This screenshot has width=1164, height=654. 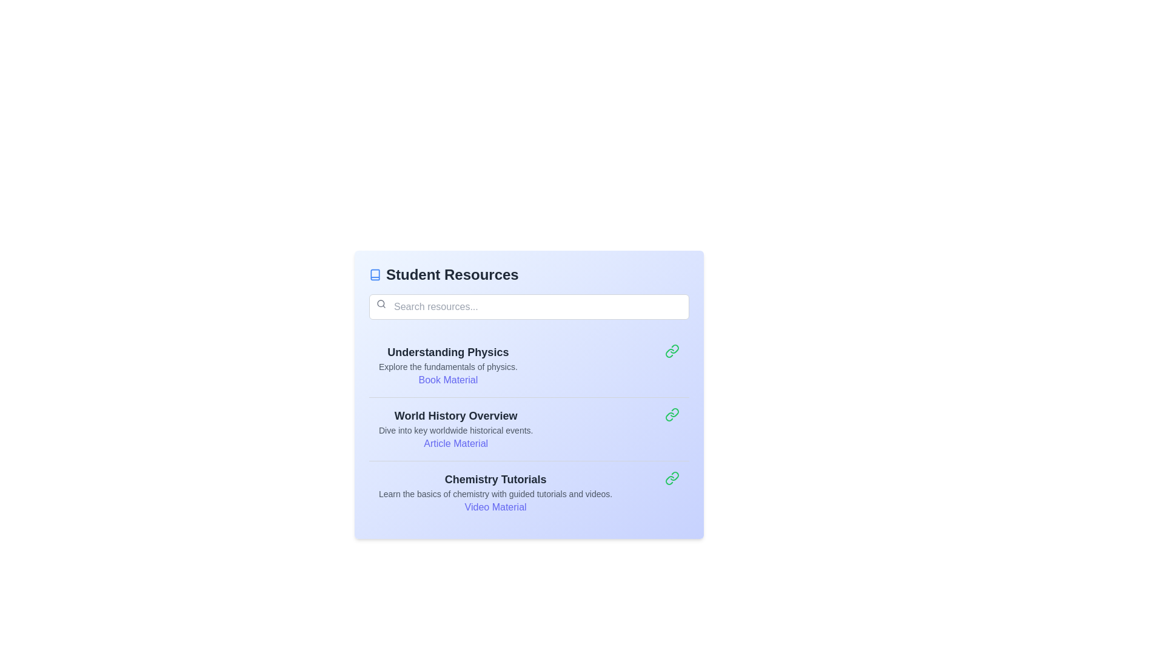 What do you see at coordinates (671, 478) in the screenshot?
I see `link icon beside the resource titled 'Chemistry Tutorials'` at bounding box center [671, 478].